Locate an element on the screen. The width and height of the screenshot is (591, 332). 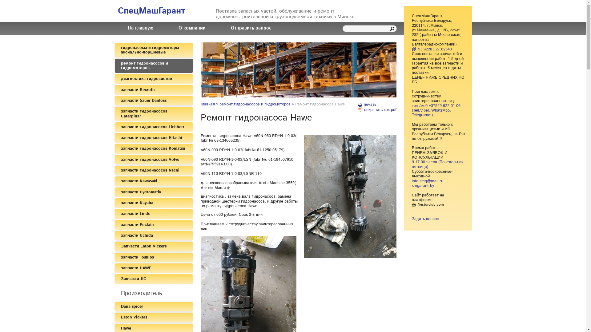
'info-smg@mail.ru' is located at coordinates (412, 181).